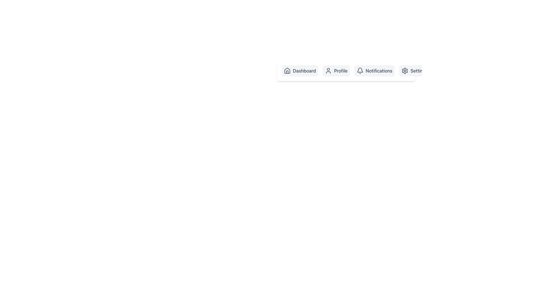 This screenshot has height=306, width=544. Describe the element at coordinates (328, 71) in the screenshot. I see `the 'Profile' icon located in the navigation bar` at that location.